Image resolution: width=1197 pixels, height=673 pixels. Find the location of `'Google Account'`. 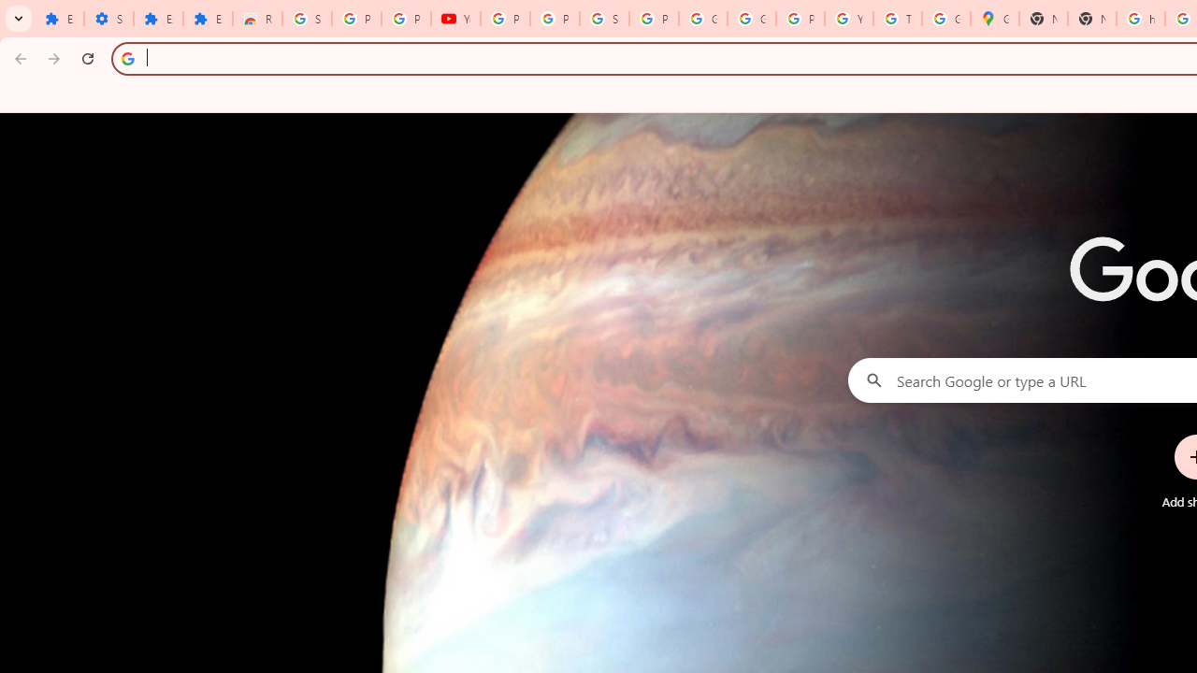

'Google Account' is located at coordinates (702, 19).